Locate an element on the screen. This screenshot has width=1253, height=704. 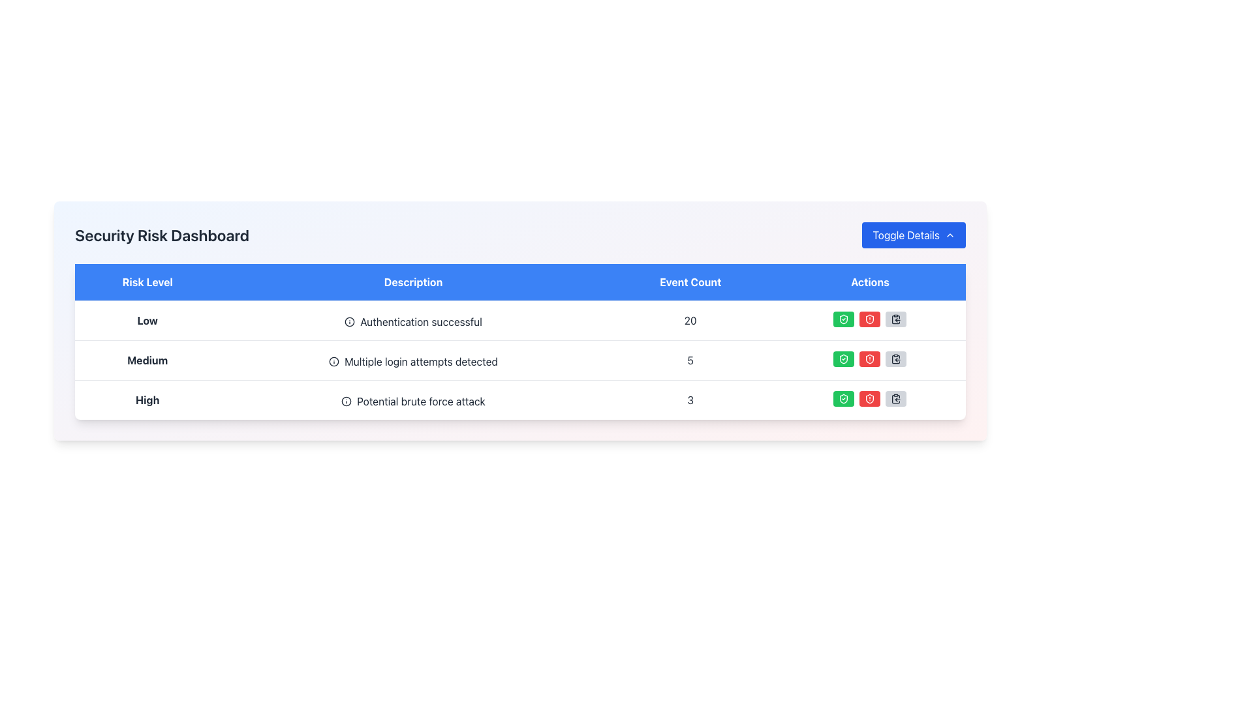
the rounded rectangular button with a clipboard icon located in the third row under the 'Actions' column is located at coordinates (895, 359).